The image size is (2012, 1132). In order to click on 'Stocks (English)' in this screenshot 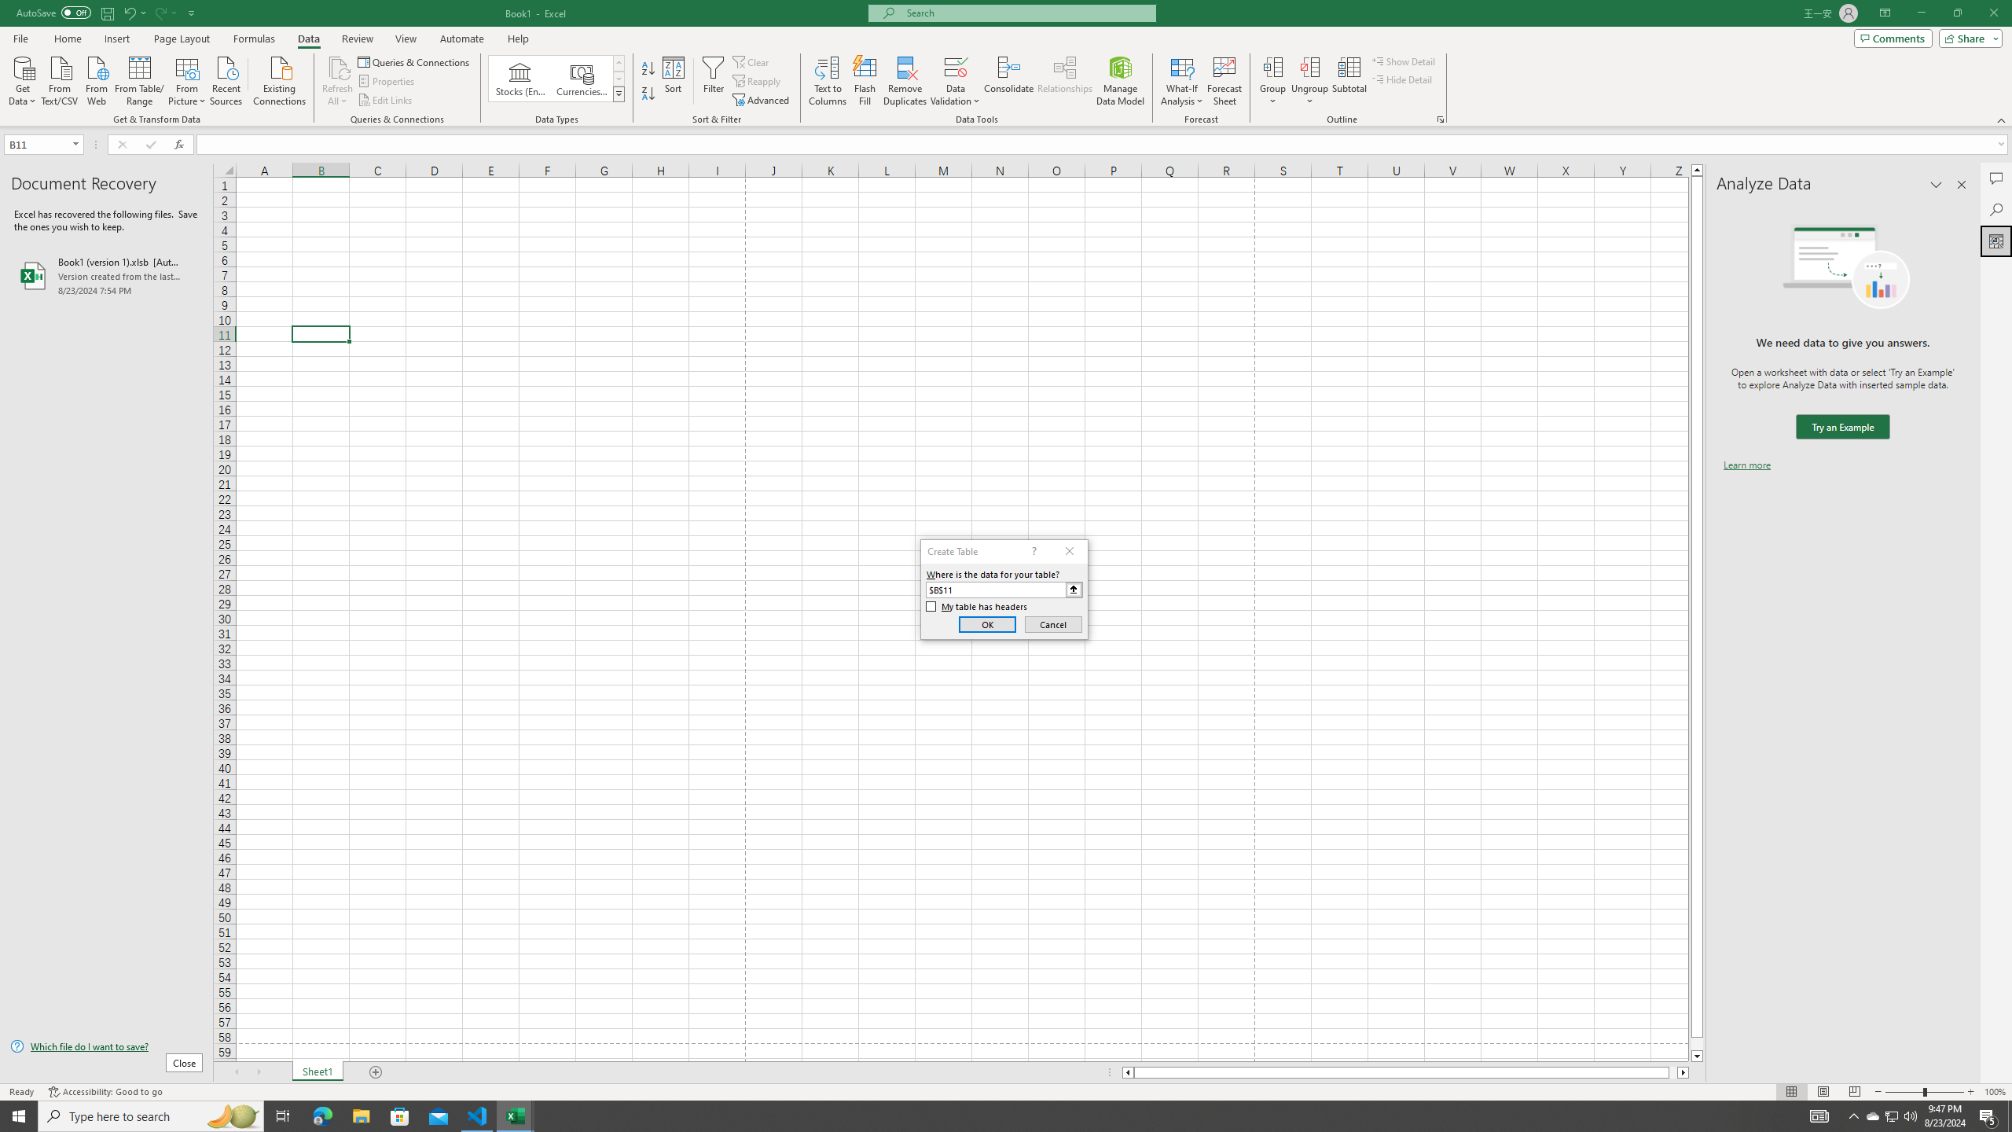, I will do `click(519, 78)`.